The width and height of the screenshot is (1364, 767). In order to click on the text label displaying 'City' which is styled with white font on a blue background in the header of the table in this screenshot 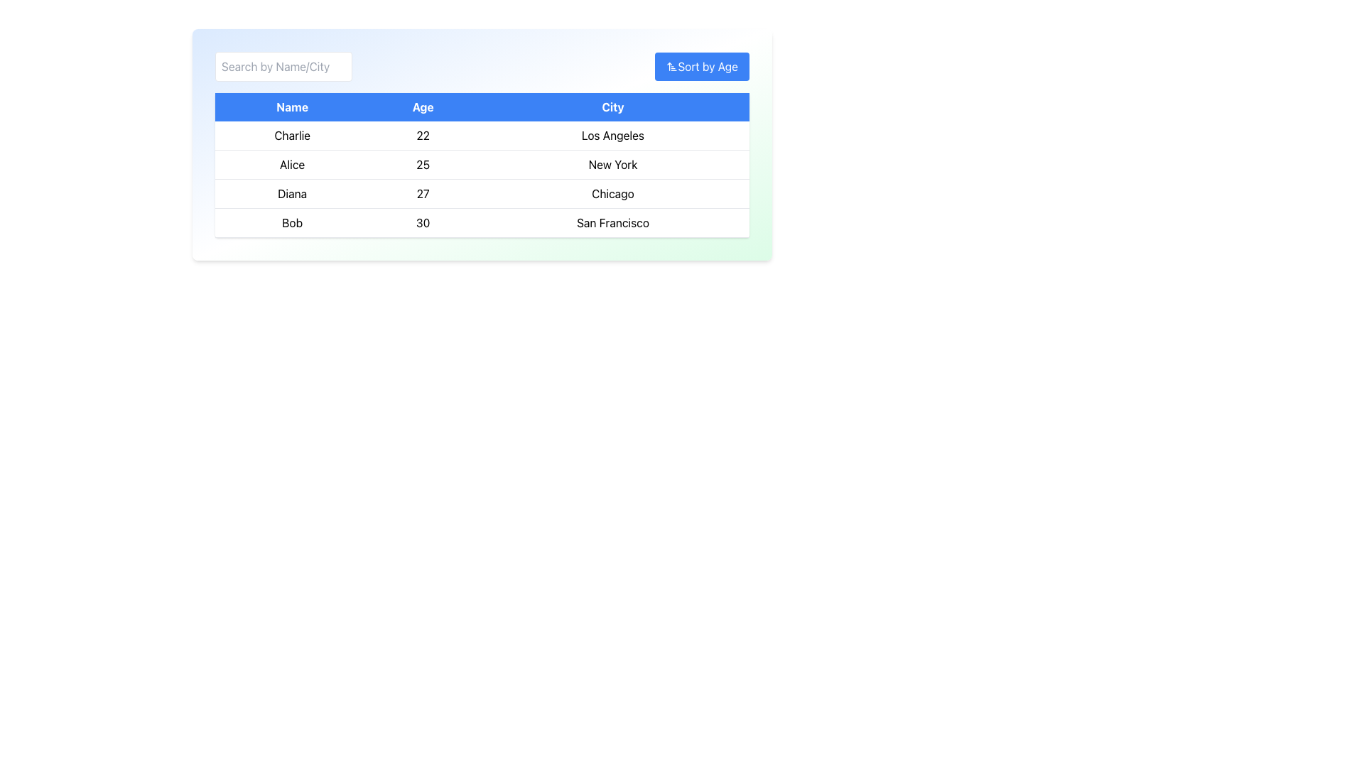, I will do `click(613, 106)`.